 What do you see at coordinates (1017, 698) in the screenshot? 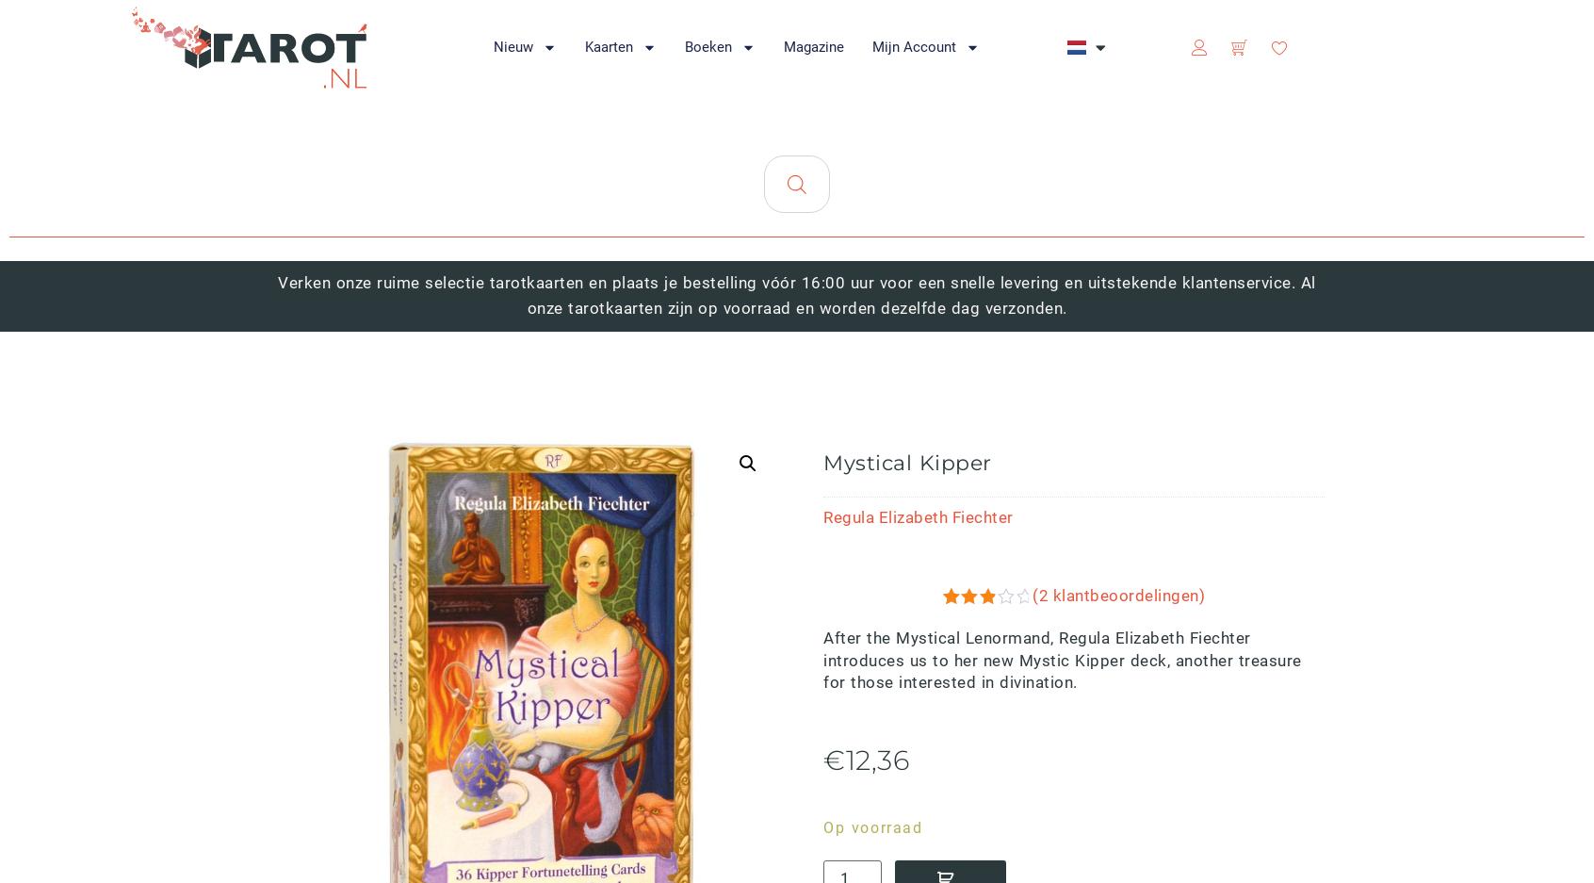
I see `'klantbeoordelingen'` at bounding box center [1017, 698].